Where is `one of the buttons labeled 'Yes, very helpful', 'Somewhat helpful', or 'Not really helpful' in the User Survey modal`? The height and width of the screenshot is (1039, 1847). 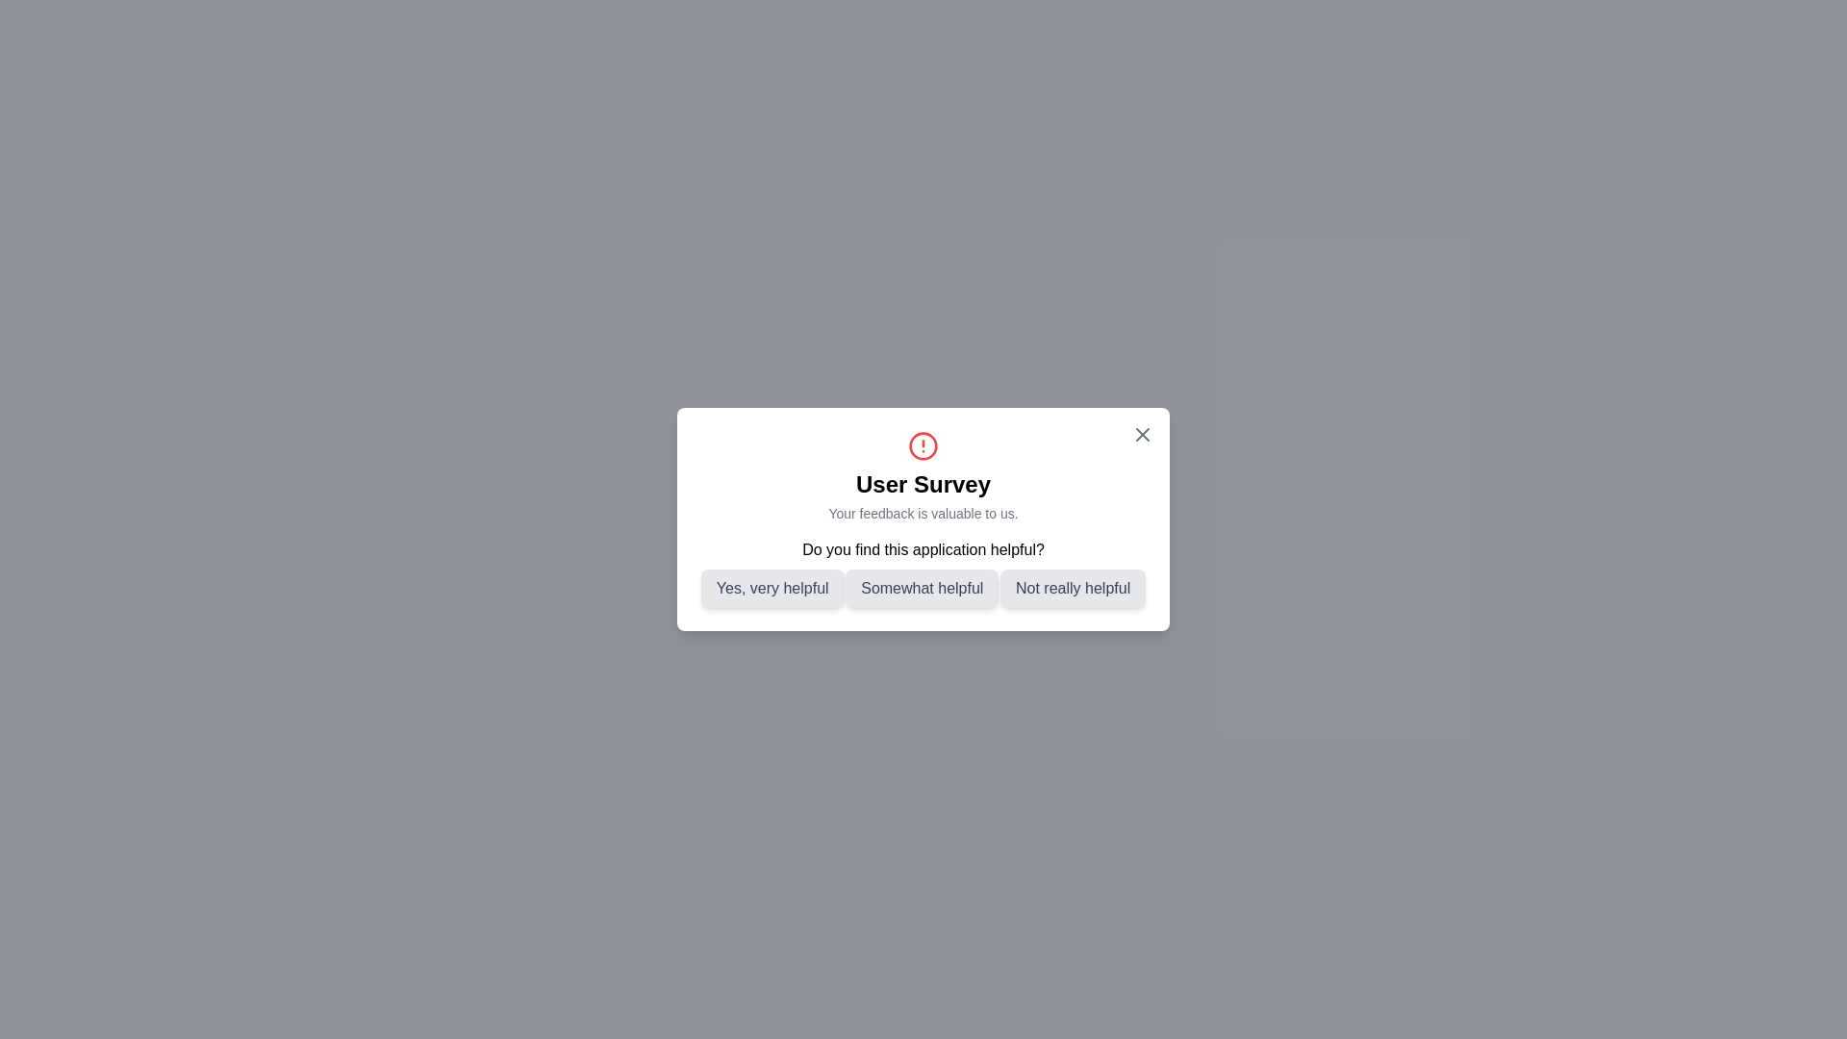
one of the buttons labeled 'Yes, very helpful', 'Somewhat helpful', or 'Not really helpful' in the User Survey modal is located at coordinates (923, 572).